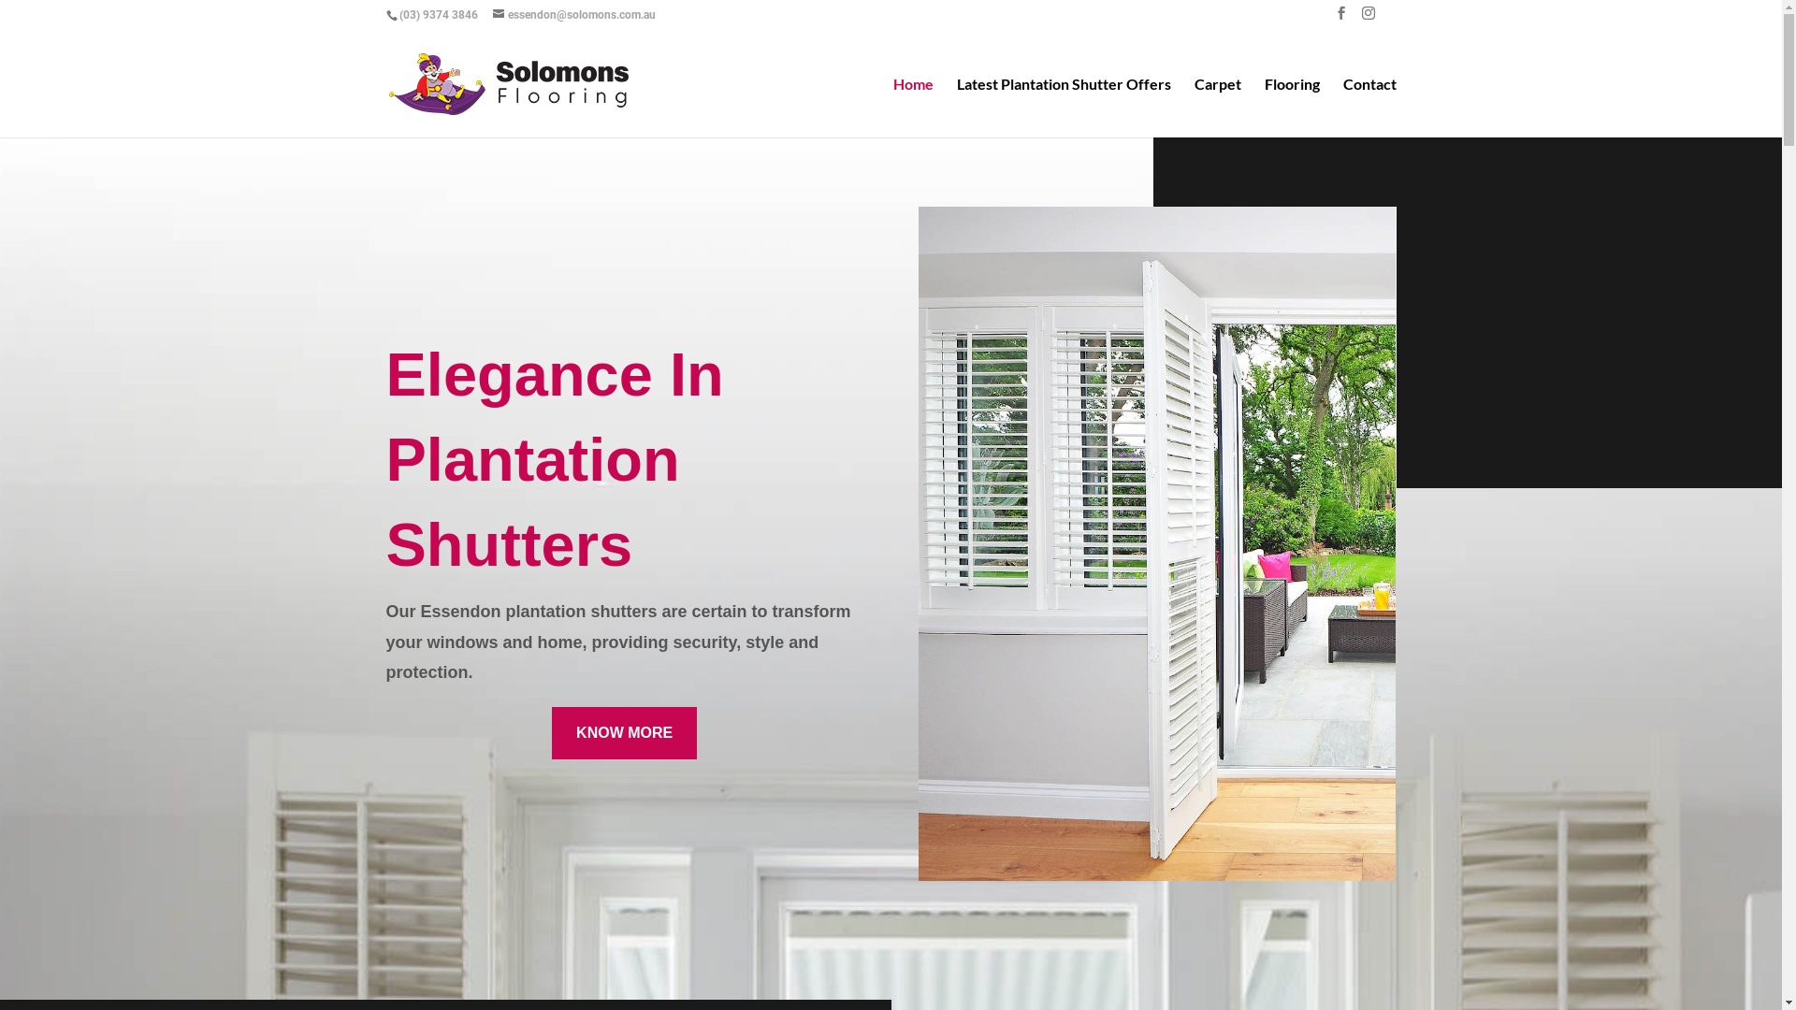  What do you see at coordinates (912, 107) in the screenshot?
I see `'Home'` at bounding box center [912, 107].